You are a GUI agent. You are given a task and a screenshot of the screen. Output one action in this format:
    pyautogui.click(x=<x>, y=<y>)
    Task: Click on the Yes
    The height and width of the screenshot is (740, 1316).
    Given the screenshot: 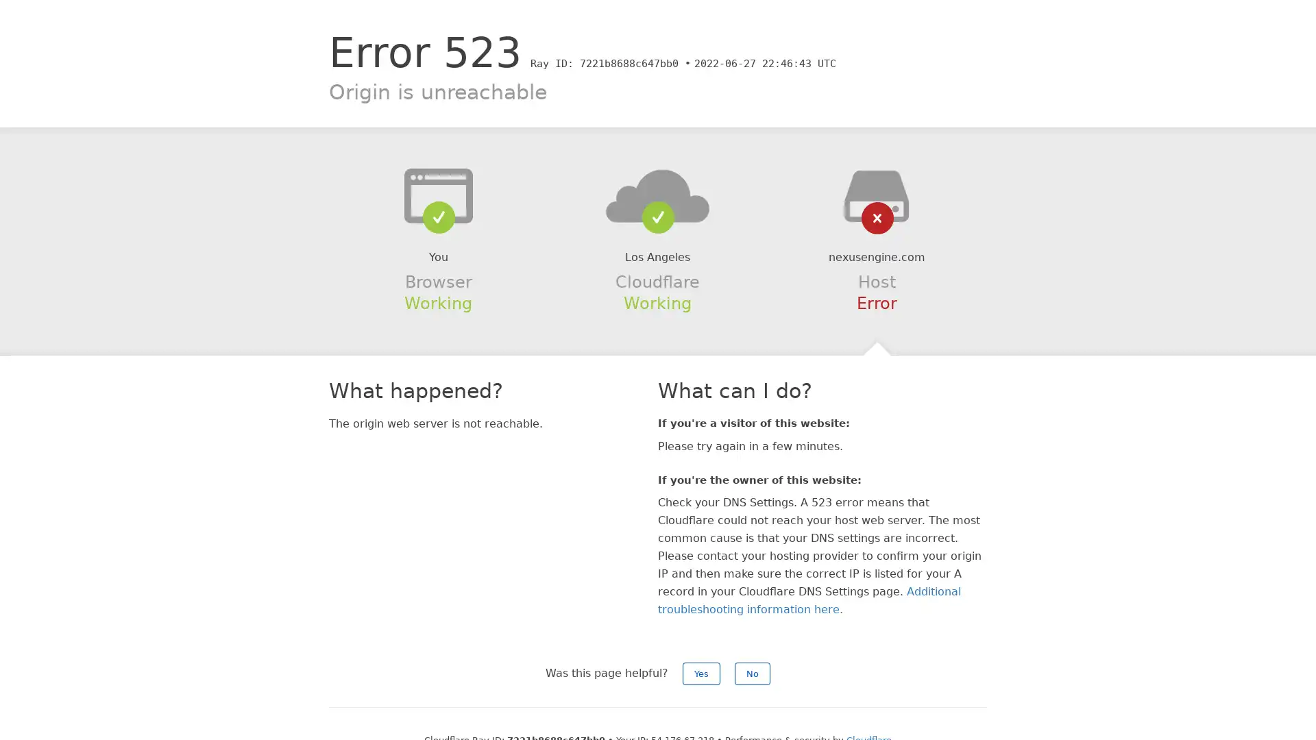 What is the action you would take?
    pyautogui.click(x=701, y=673)
    